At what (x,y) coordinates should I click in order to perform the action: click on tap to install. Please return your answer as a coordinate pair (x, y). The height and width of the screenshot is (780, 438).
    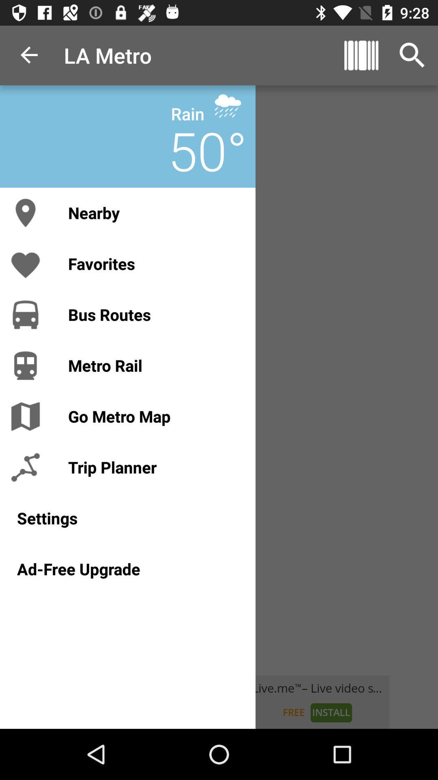
    Looking at the image, I should click on (219, 702).